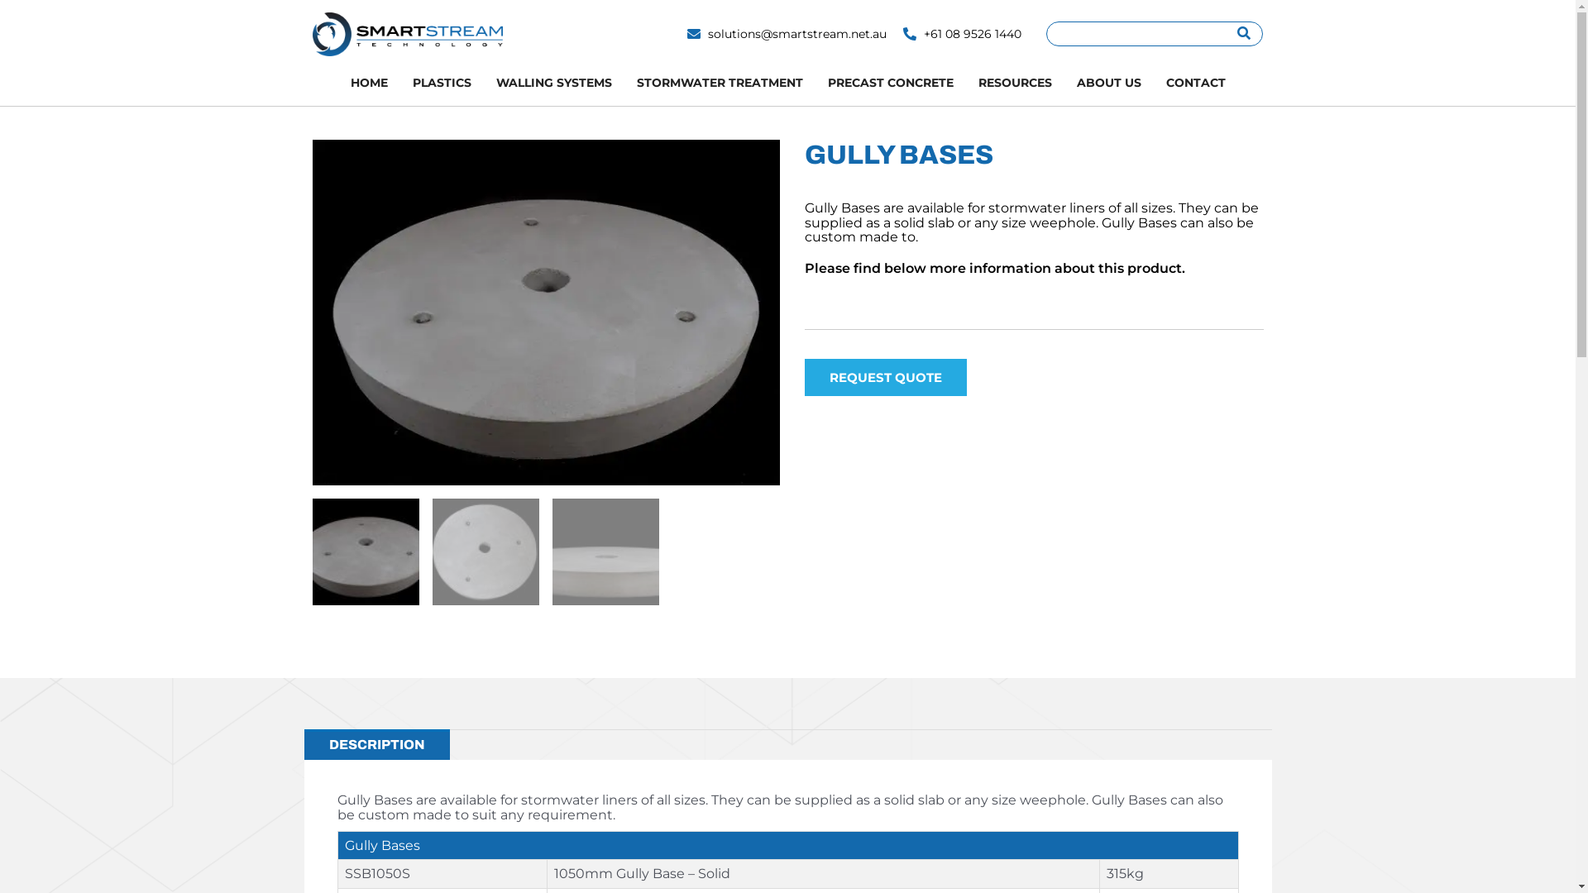 The image size is (1588, 893). Describe the element at coordinates (1014, 83) in the screenshot. I see `'RESOURCES'` at that location.